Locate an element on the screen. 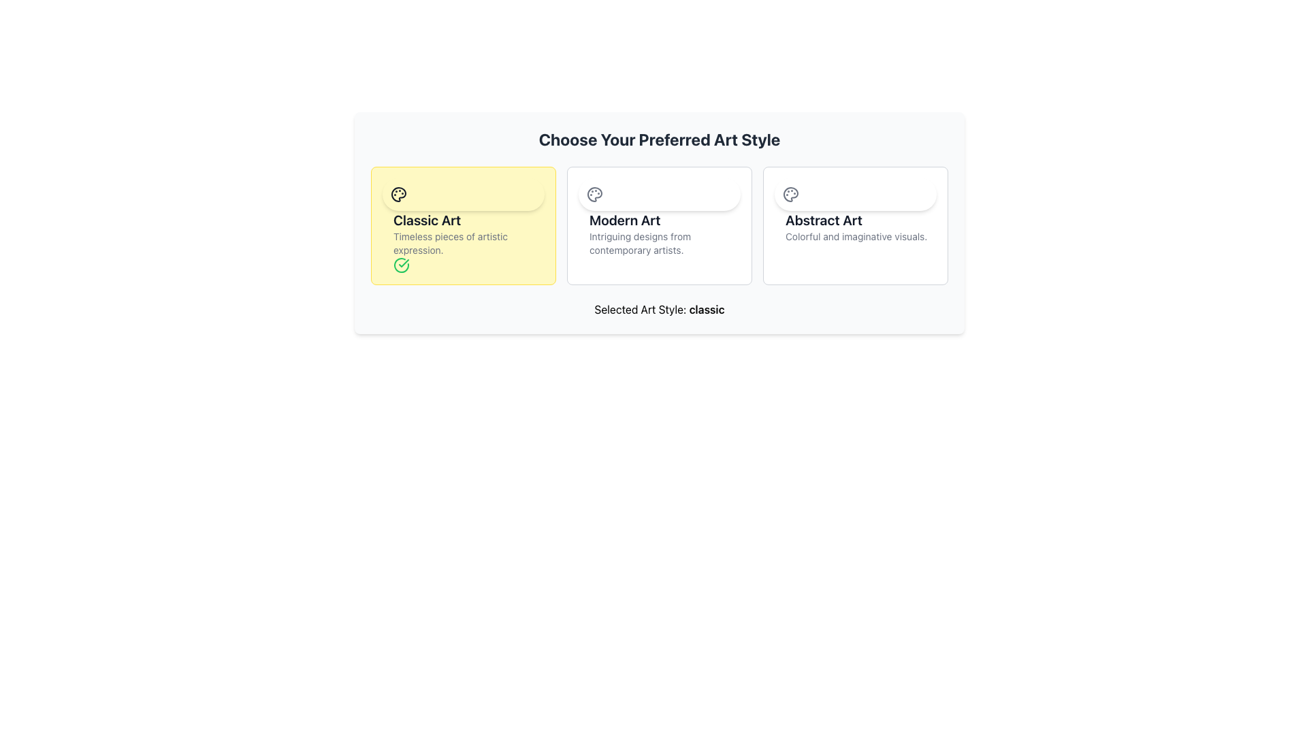  the palette icon with circular design featuring small circular indentations located in the top left corner of the 'Classic Art' card, which has a yellow background indicating active selection is located at coordinates (398, 194).